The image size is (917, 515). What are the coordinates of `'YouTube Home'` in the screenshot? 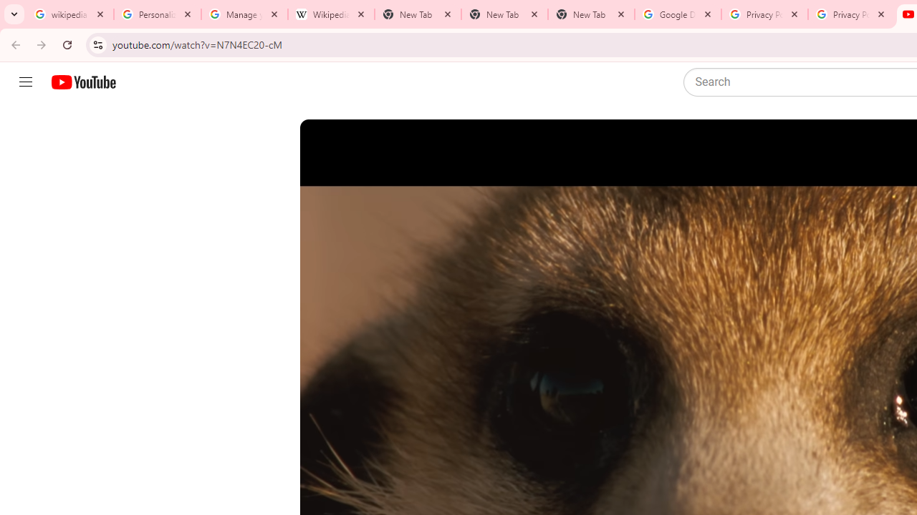 It's located at (82, 82).